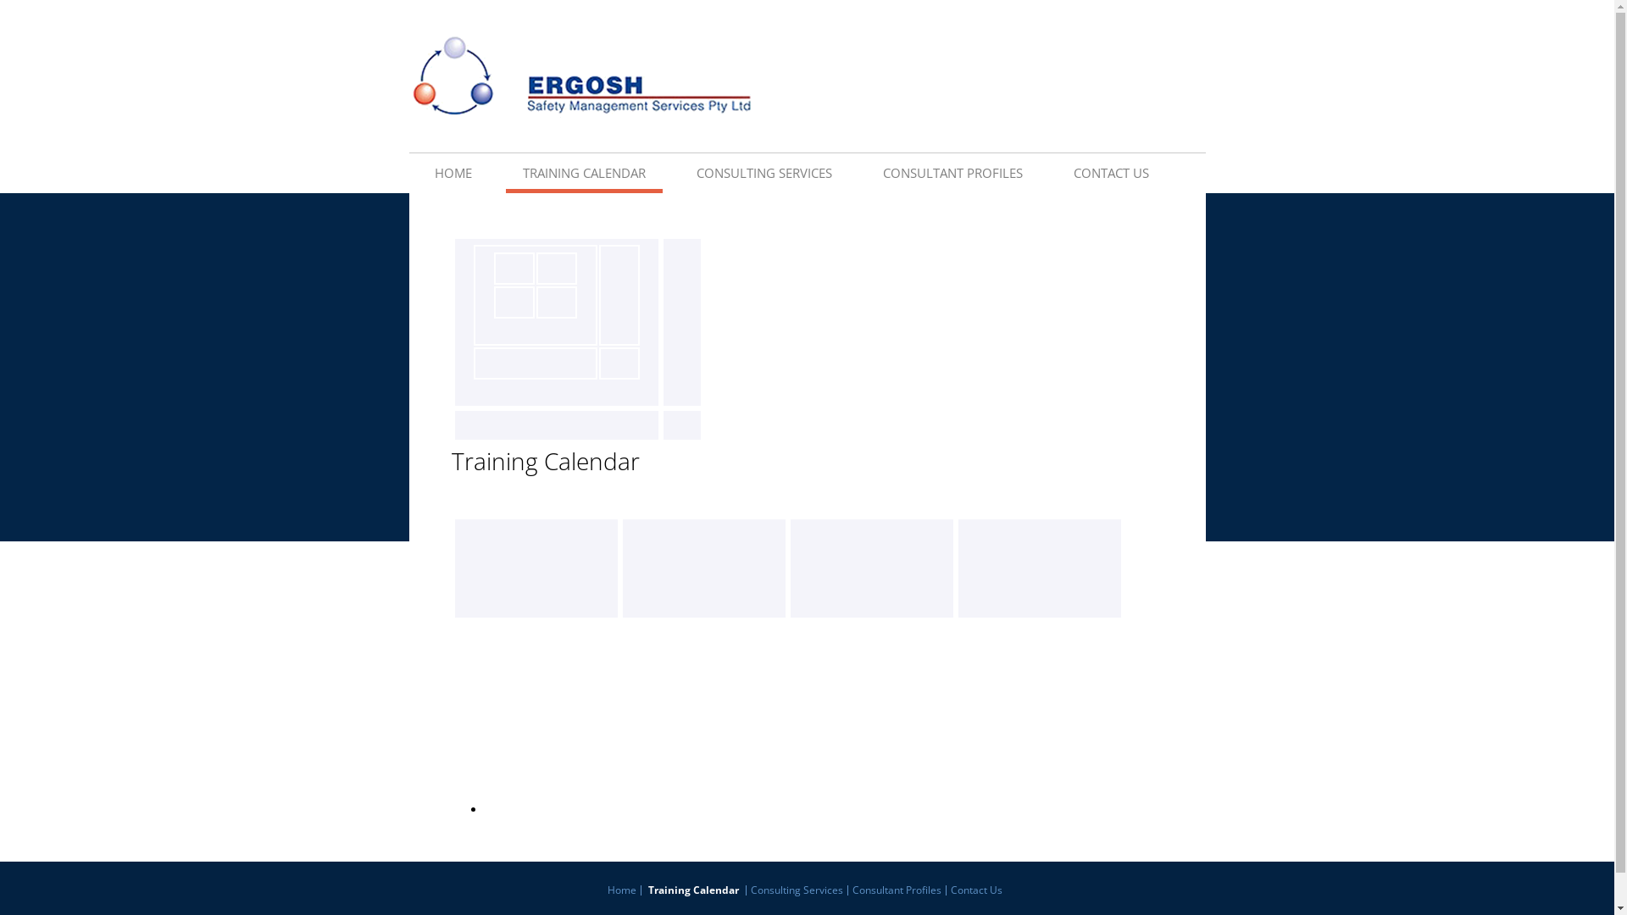 The height and width of the screenshot is (915, 1627). I want to click on 'CONTACT US', so click(1055, 170).